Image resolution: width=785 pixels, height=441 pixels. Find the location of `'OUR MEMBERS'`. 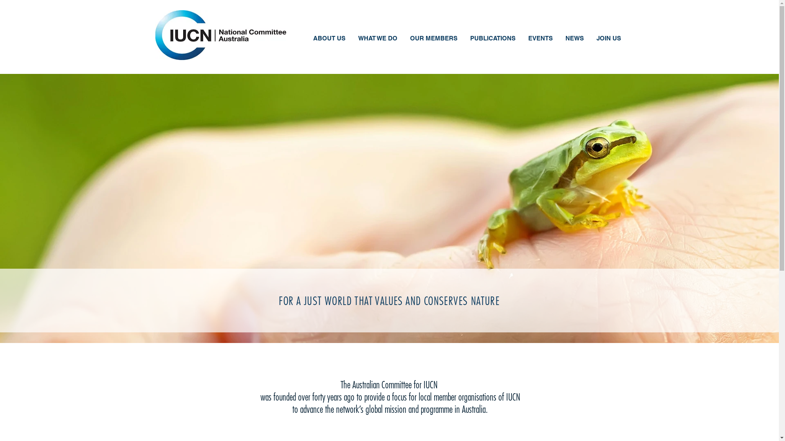

'OUR MEMBERS' is located at coordinates (433, 39).